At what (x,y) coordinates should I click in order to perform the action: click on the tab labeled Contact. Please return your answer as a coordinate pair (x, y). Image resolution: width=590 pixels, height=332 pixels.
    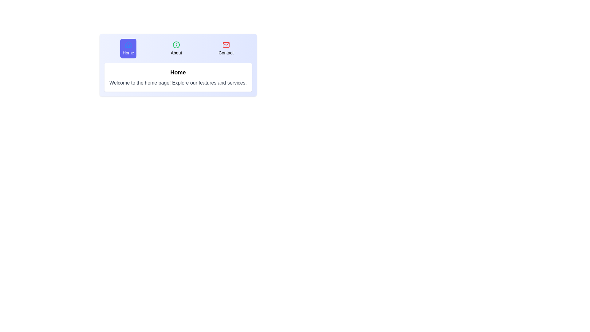
    Looking at the image, I should click on (226, 48).